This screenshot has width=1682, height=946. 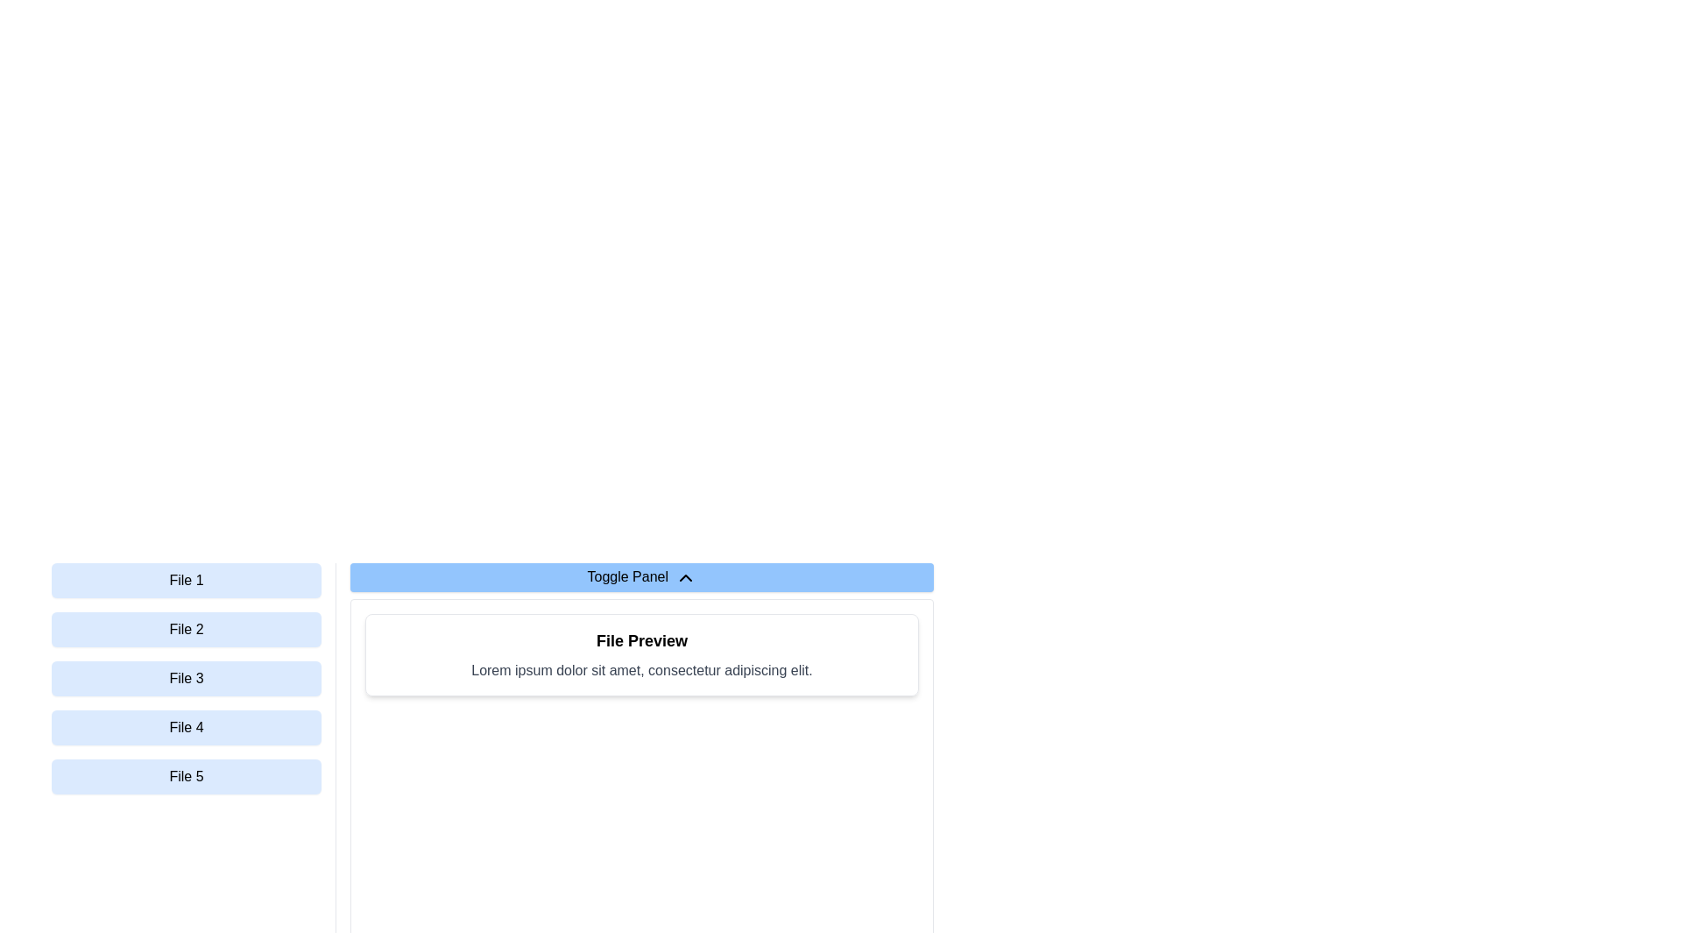 What do you see at coordinates (186, 776) in the screenshot?
I see `the 'File 5' button, which is a light blue rectangular button with rounded corners located at the bottom of a vertical list next to the 'File Preview' panel` at bounding box center [186, 776].